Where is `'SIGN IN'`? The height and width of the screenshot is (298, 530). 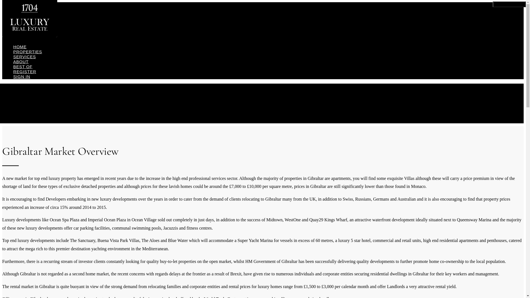
'SIGN IN' is located at coordinates (22, 76).